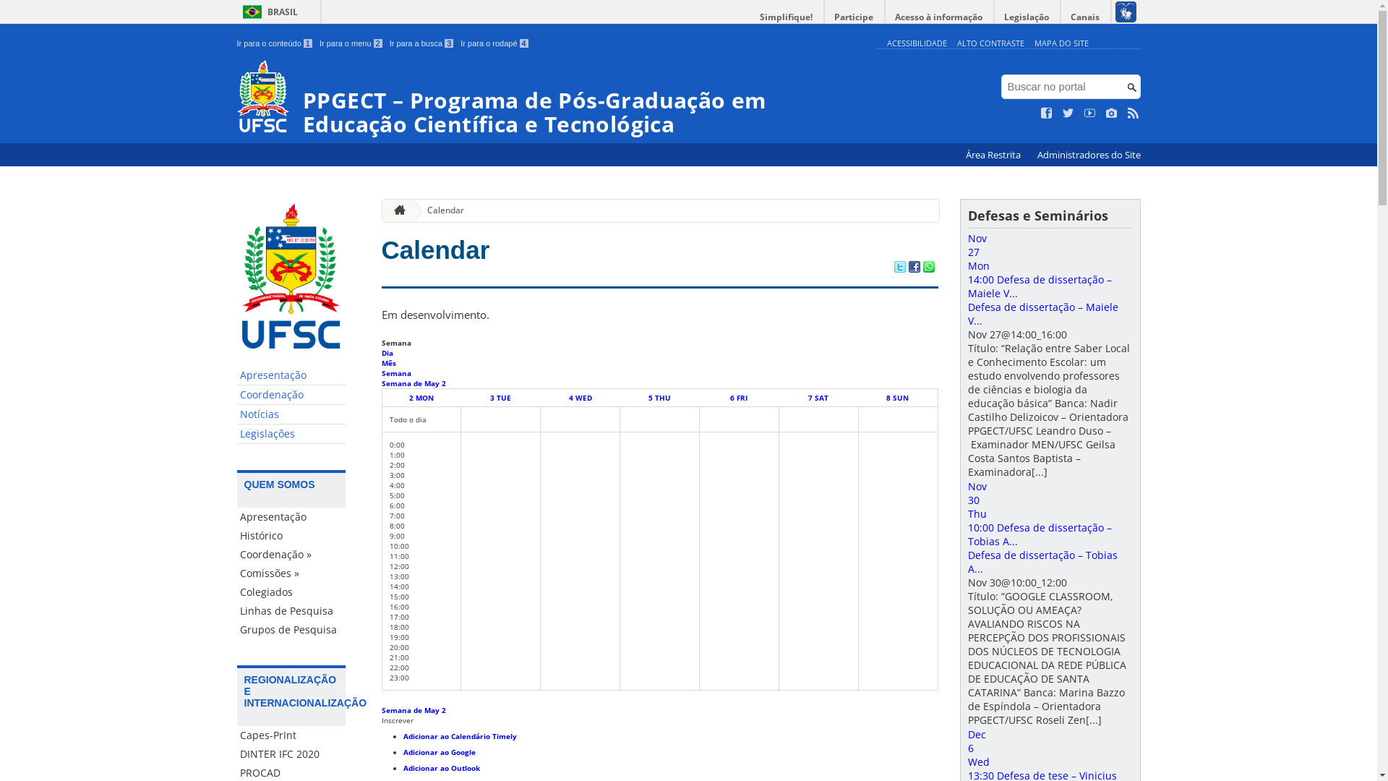 This screenshot has height=781, width=1388. I want to click on 'ACESSIBILIDADE', so click(915, 42).